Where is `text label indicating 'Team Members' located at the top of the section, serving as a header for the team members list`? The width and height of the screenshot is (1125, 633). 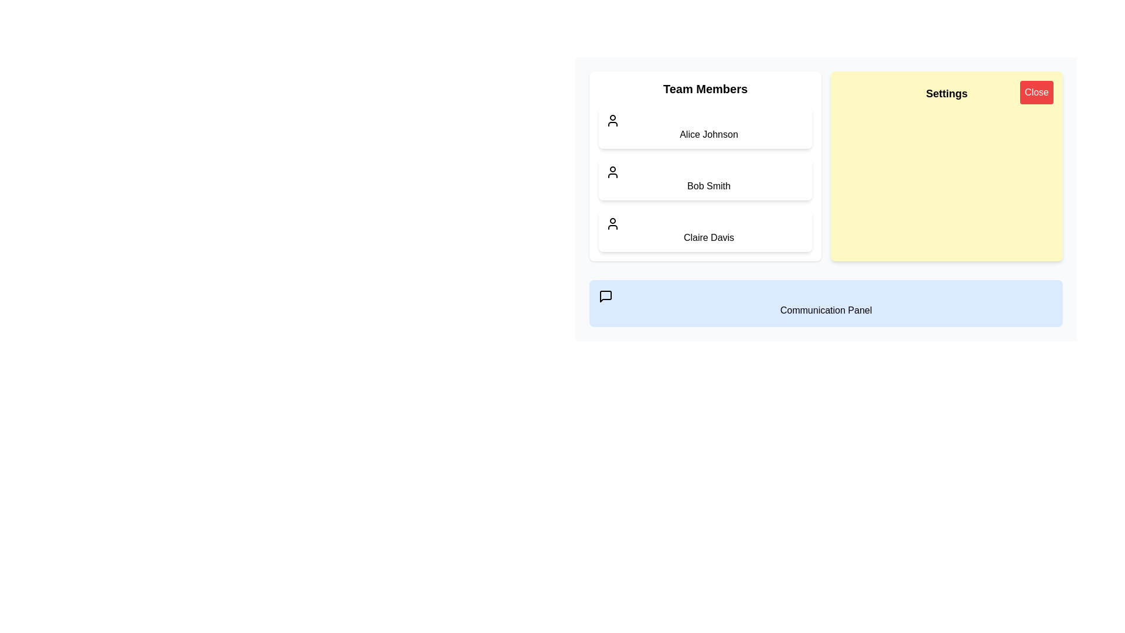
text label indicating 'Team Members' located at the top of the section, serving as a header for the team members list is located at coordinates (705, 88).